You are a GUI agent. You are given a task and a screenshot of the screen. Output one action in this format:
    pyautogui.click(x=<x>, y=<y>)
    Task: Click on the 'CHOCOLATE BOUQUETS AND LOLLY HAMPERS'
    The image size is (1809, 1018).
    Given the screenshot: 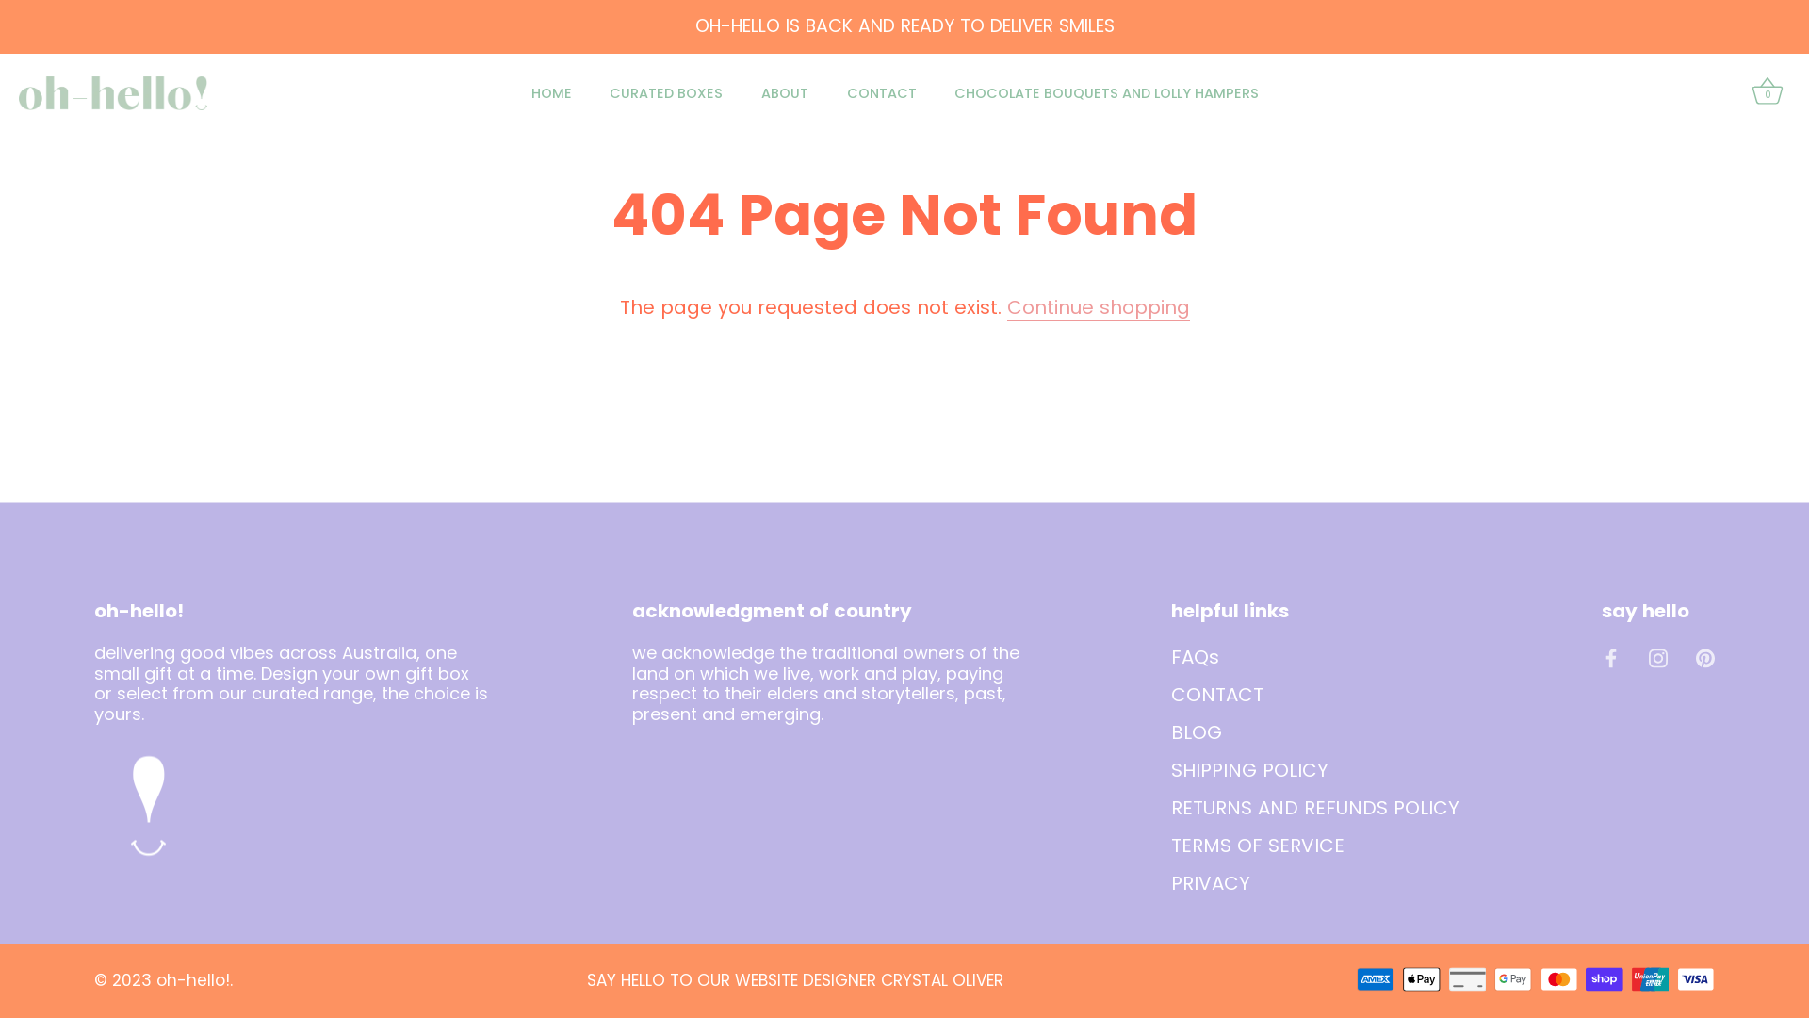 What is the action you would take?
    pyautogui.click(x=1107, y=93)
    